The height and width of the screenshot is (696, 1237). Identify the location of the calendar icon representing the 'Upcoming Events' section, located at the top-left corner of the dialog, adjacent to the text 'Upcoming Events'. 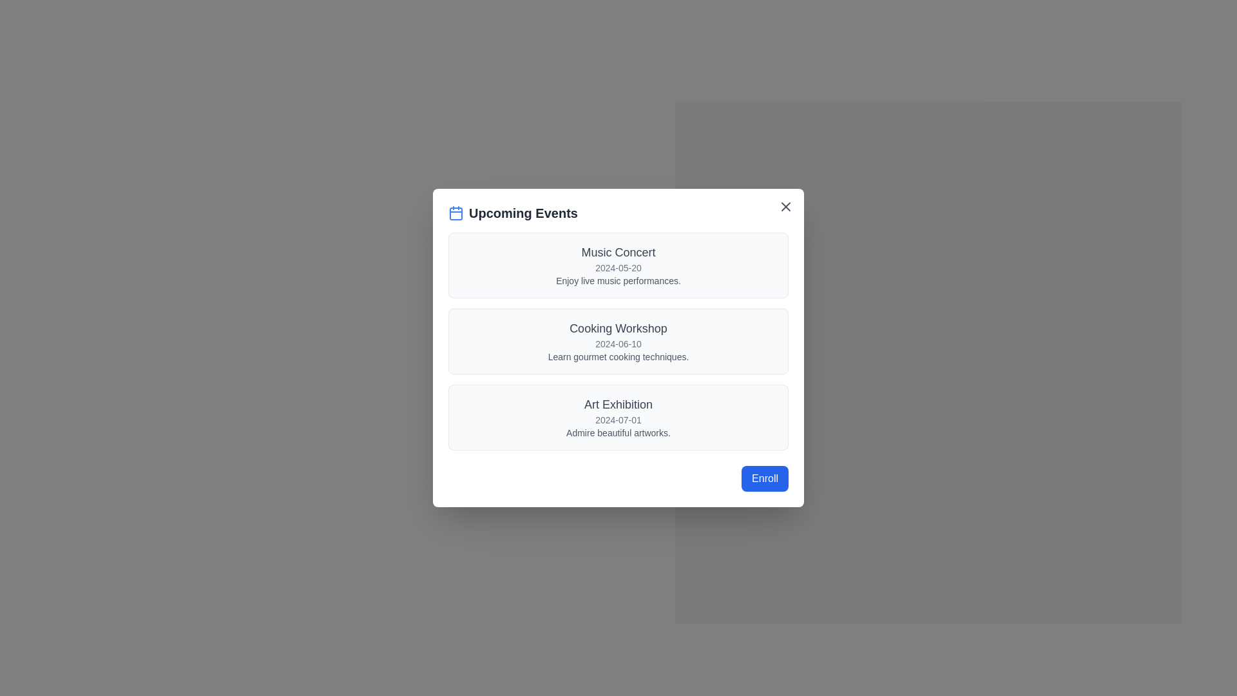
(456, 213).